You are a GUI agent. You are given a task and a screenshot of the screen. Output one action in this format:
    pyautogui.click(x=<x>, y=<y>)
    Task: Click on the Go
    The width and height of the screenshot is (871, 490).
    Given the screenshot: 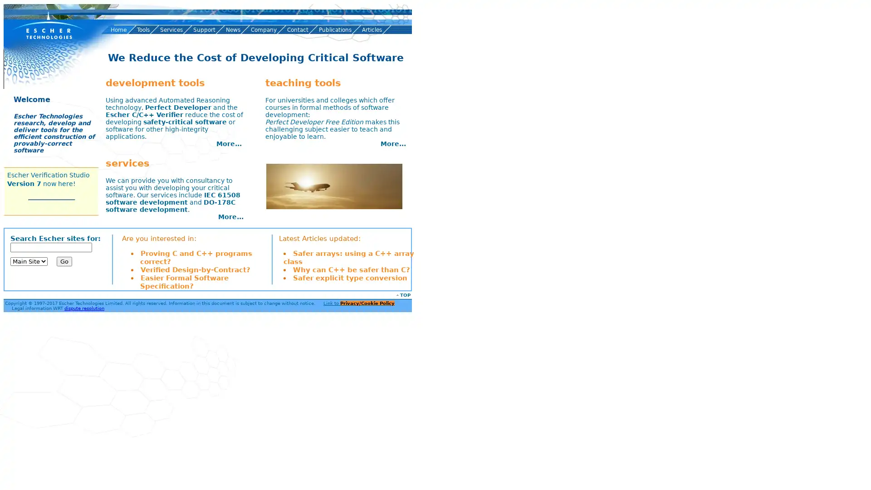 What is the action you would take?
    pyautogui.click(x=64, y=261)
    